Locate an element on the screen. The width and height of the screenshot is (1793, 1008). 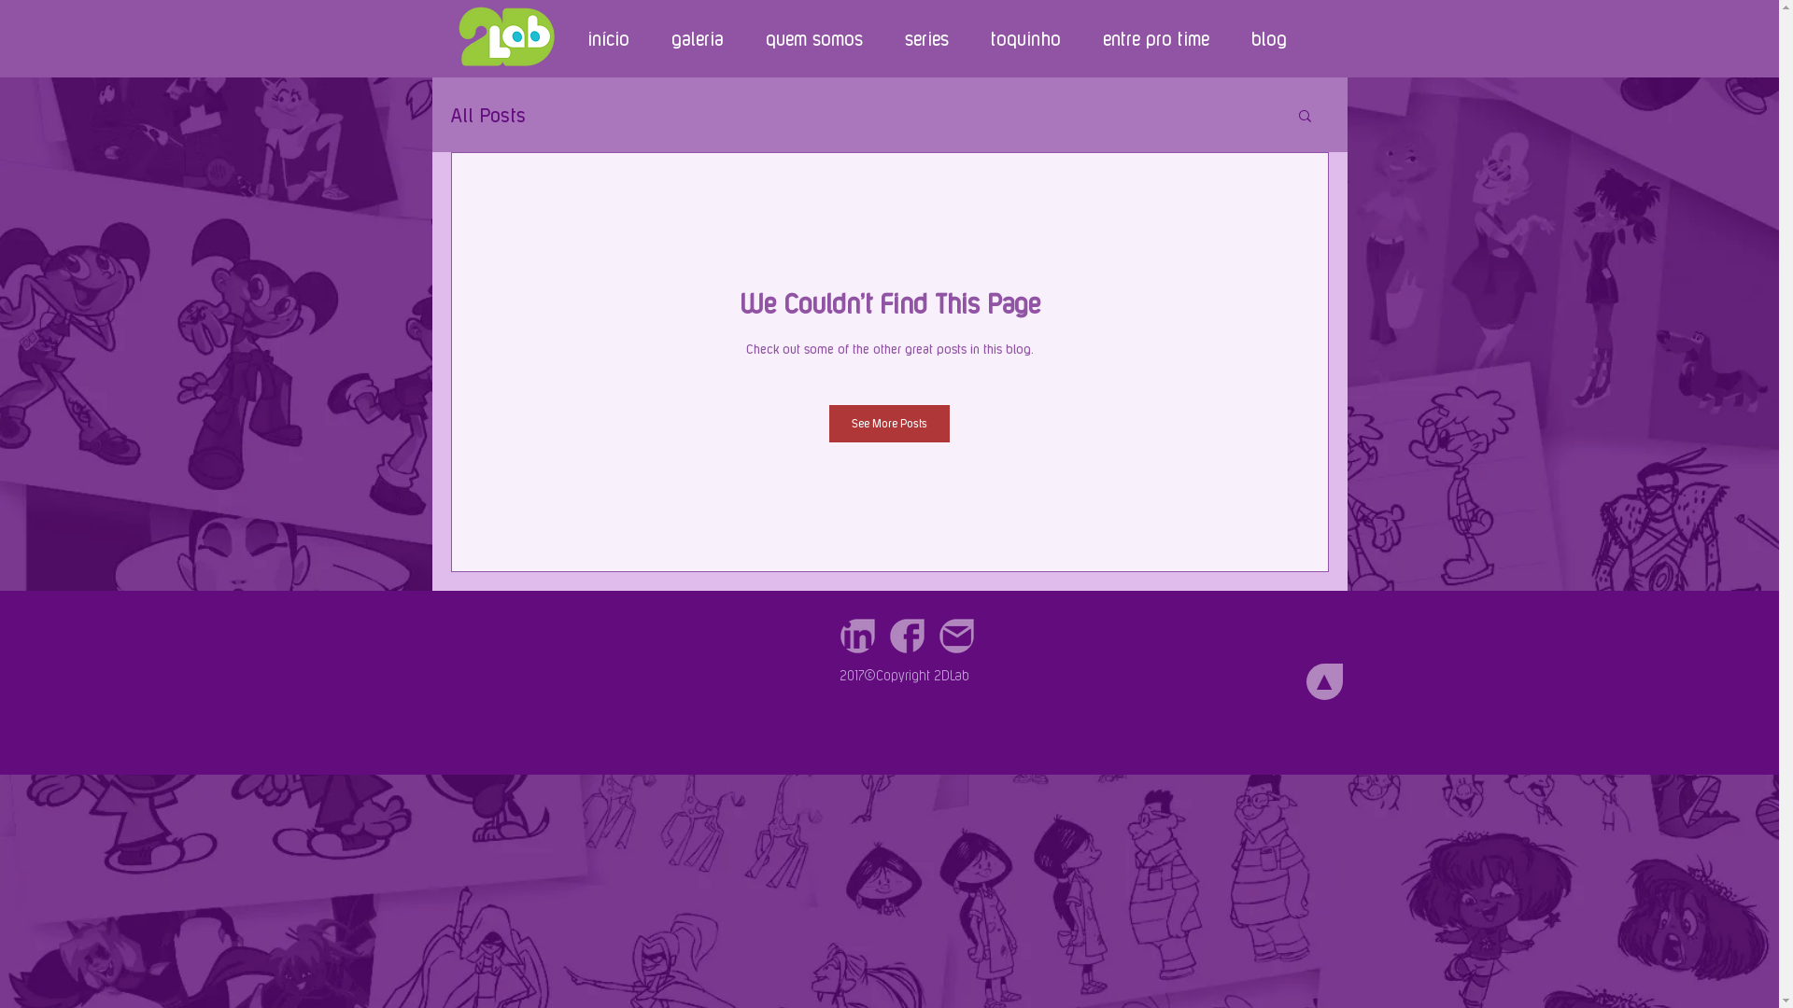
'entre pro time' is located at coordinates (1154, 38).